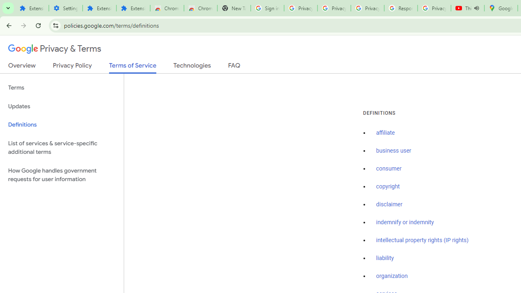 This screenshot has width=521, height=293. Describe the element at coordinates (133, 67) in the screenshot. I see `'Terms of Service'` at that location.